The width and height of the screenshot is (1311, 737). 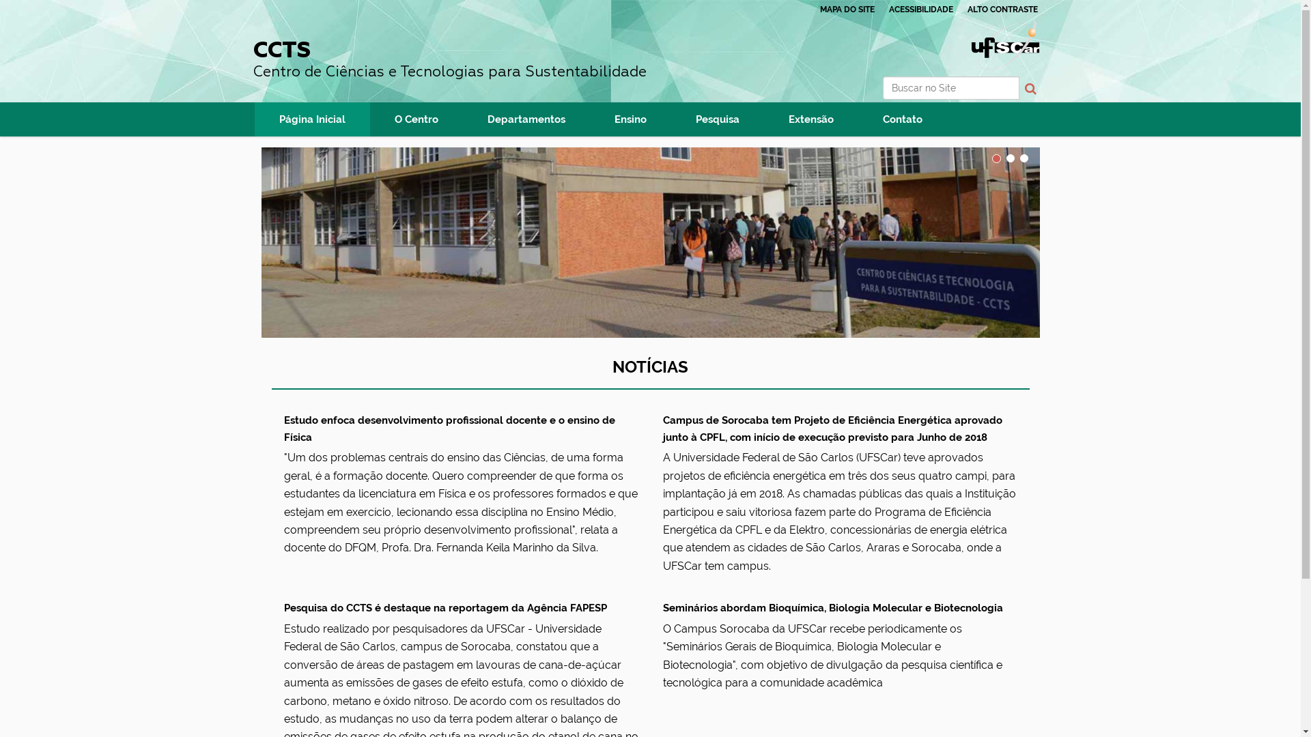 I want to click on 'CCTS', so click(x=649, y=242).